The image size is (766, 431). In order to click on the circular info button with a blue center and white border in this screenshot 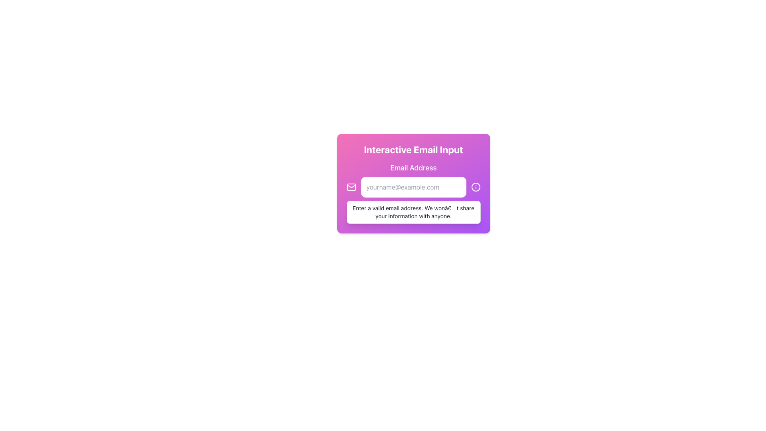, I will do `click(476, 187)`.